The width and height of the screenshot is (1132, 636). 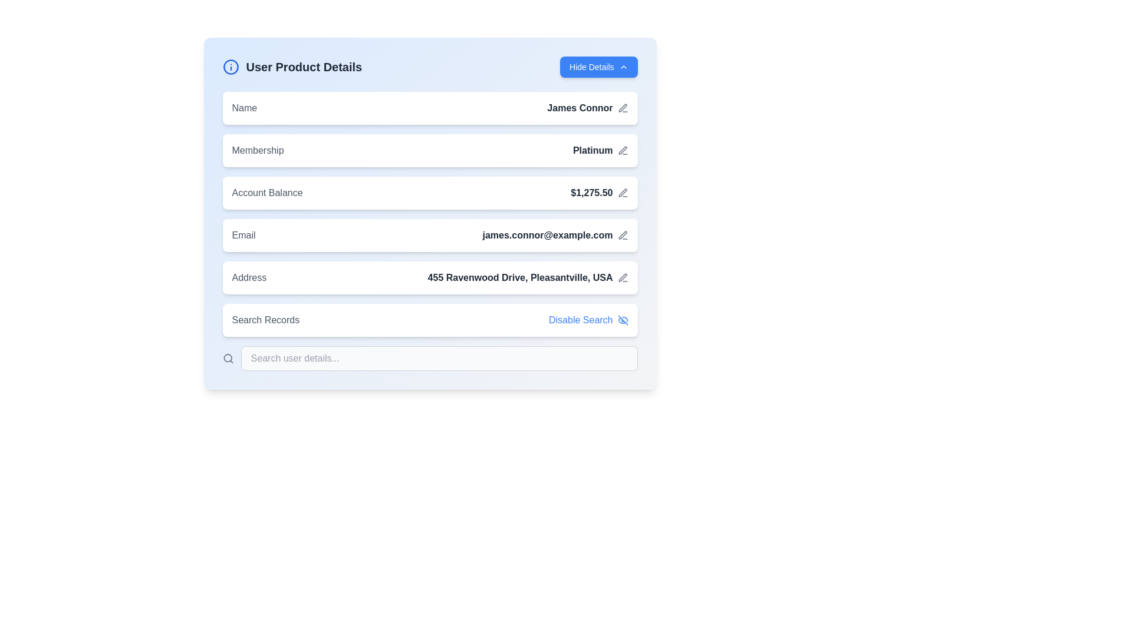 I want to click on the edit icon located to the right of the 'Account Balance' field, adjacent to the value '$1,275.50', within the 'User Product Details' card, so click(x=622, y=192).